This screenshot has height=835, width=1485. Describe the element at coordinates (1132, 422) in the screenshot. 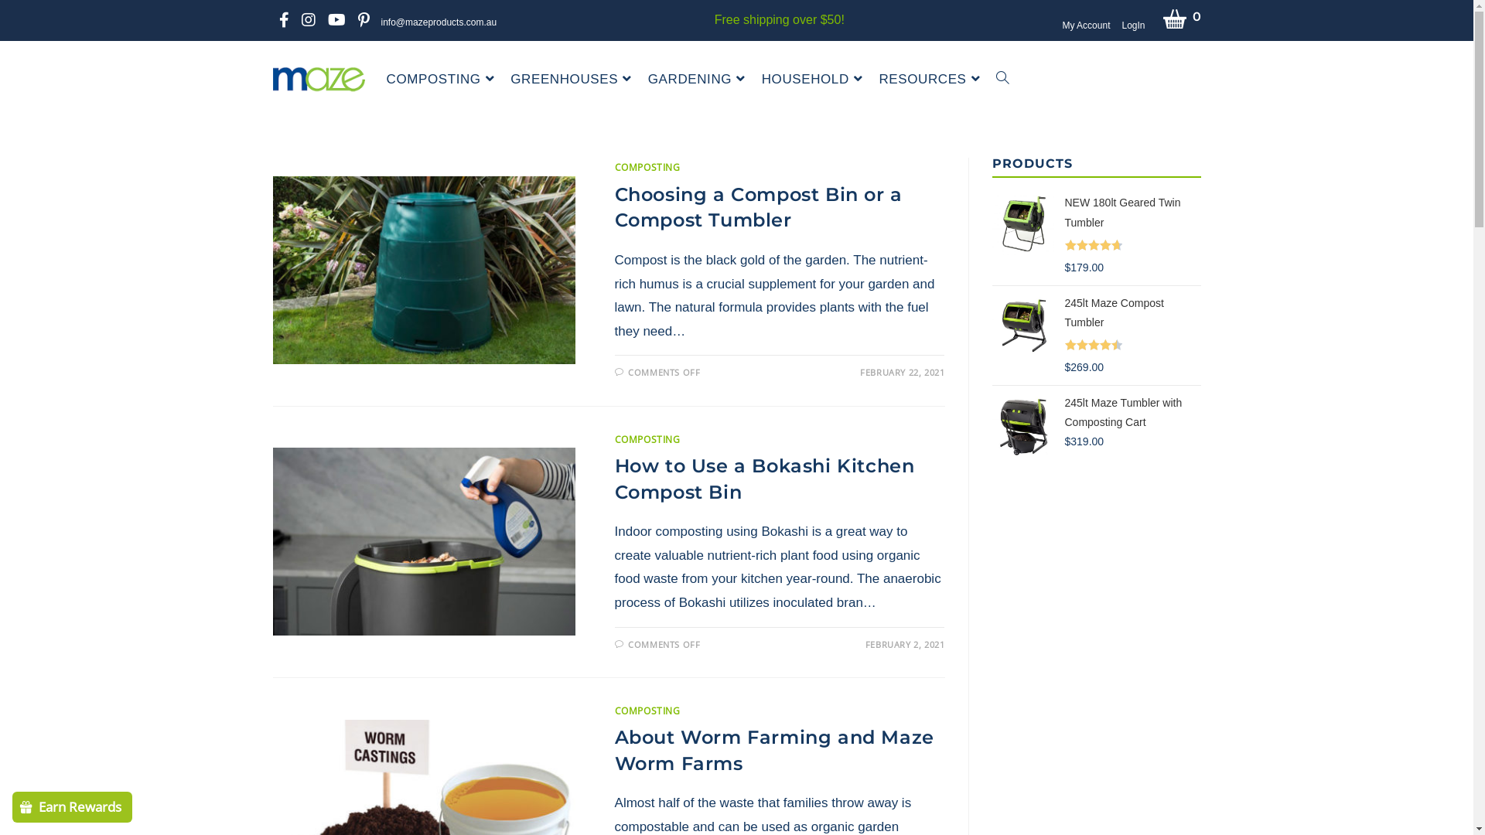

I see `'245lt Maze Tumbler with Composting Cart'` at that location.